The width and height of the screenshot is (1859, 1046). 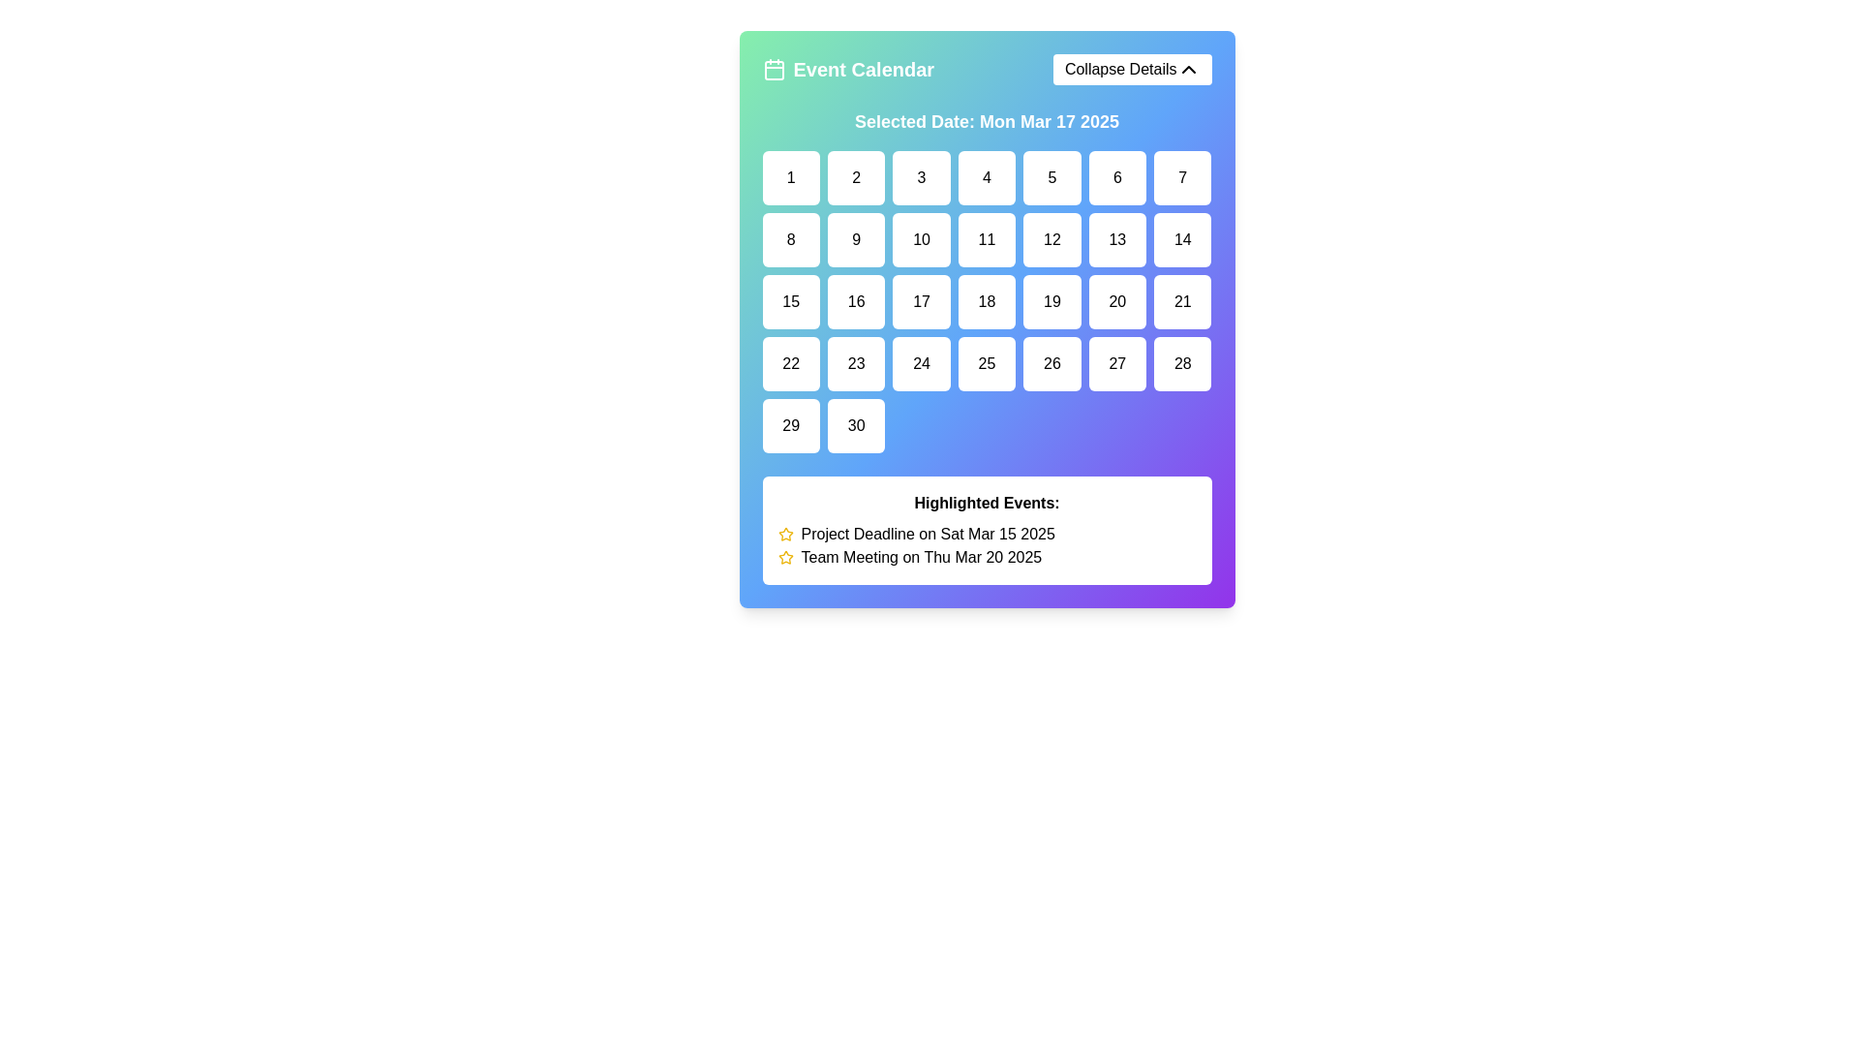 I want to click on the calendar grid cell displaying the number '8', so click(x=791, y=238).